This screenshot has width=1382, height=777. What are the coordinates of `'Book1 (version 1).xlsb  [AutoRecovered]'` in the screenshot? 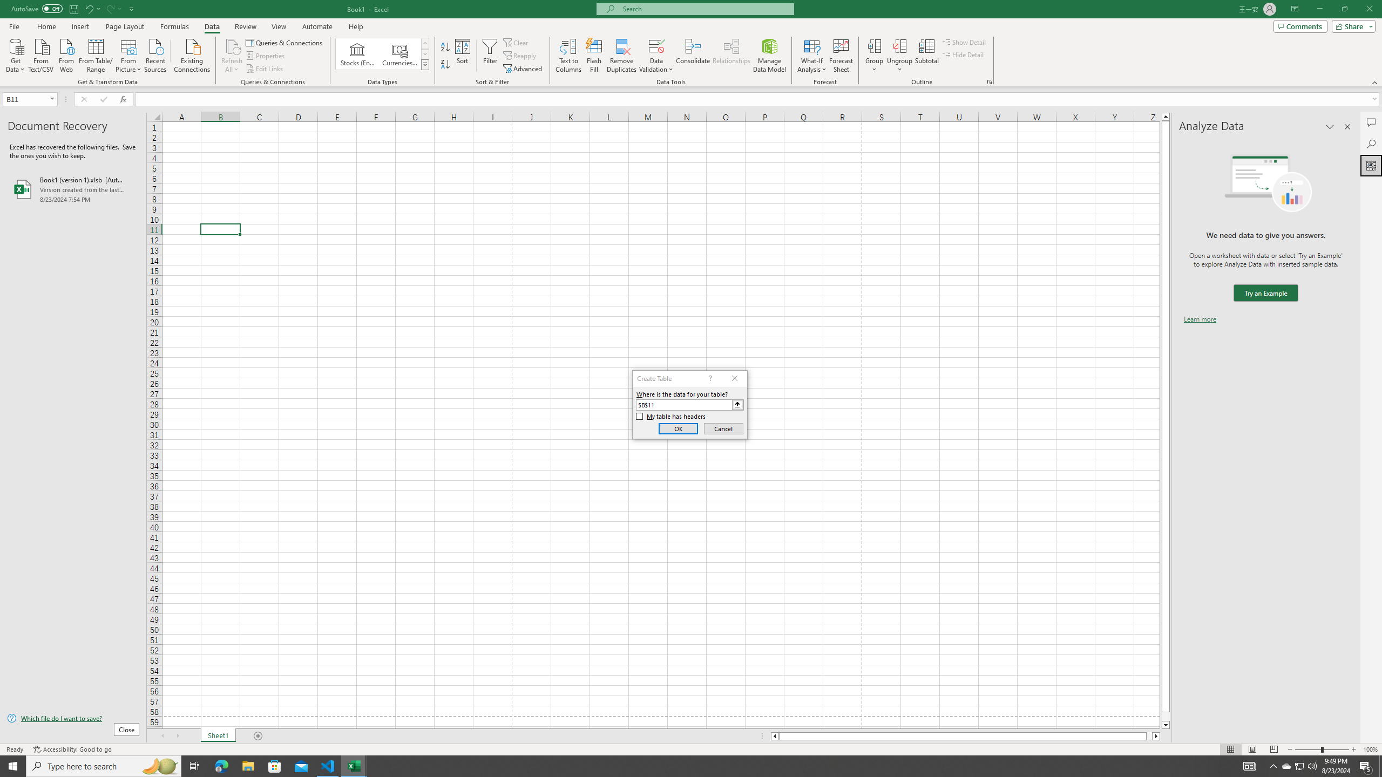 It's located at (72, 188).